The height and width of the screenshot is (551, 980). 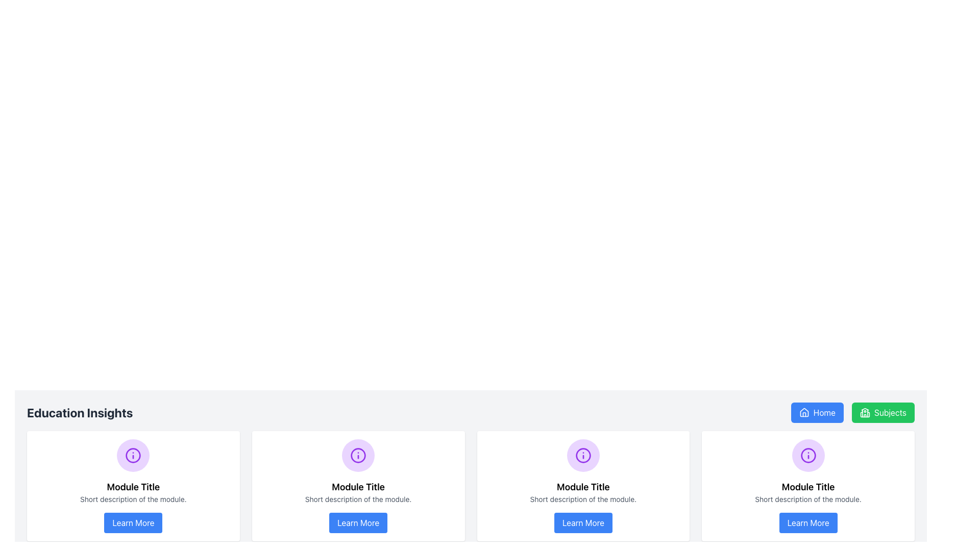 What do you see at coordinates (358, 523) in the screenshot?
I see `the button located at the bottom center of the card` at bounding box center [358, 523].